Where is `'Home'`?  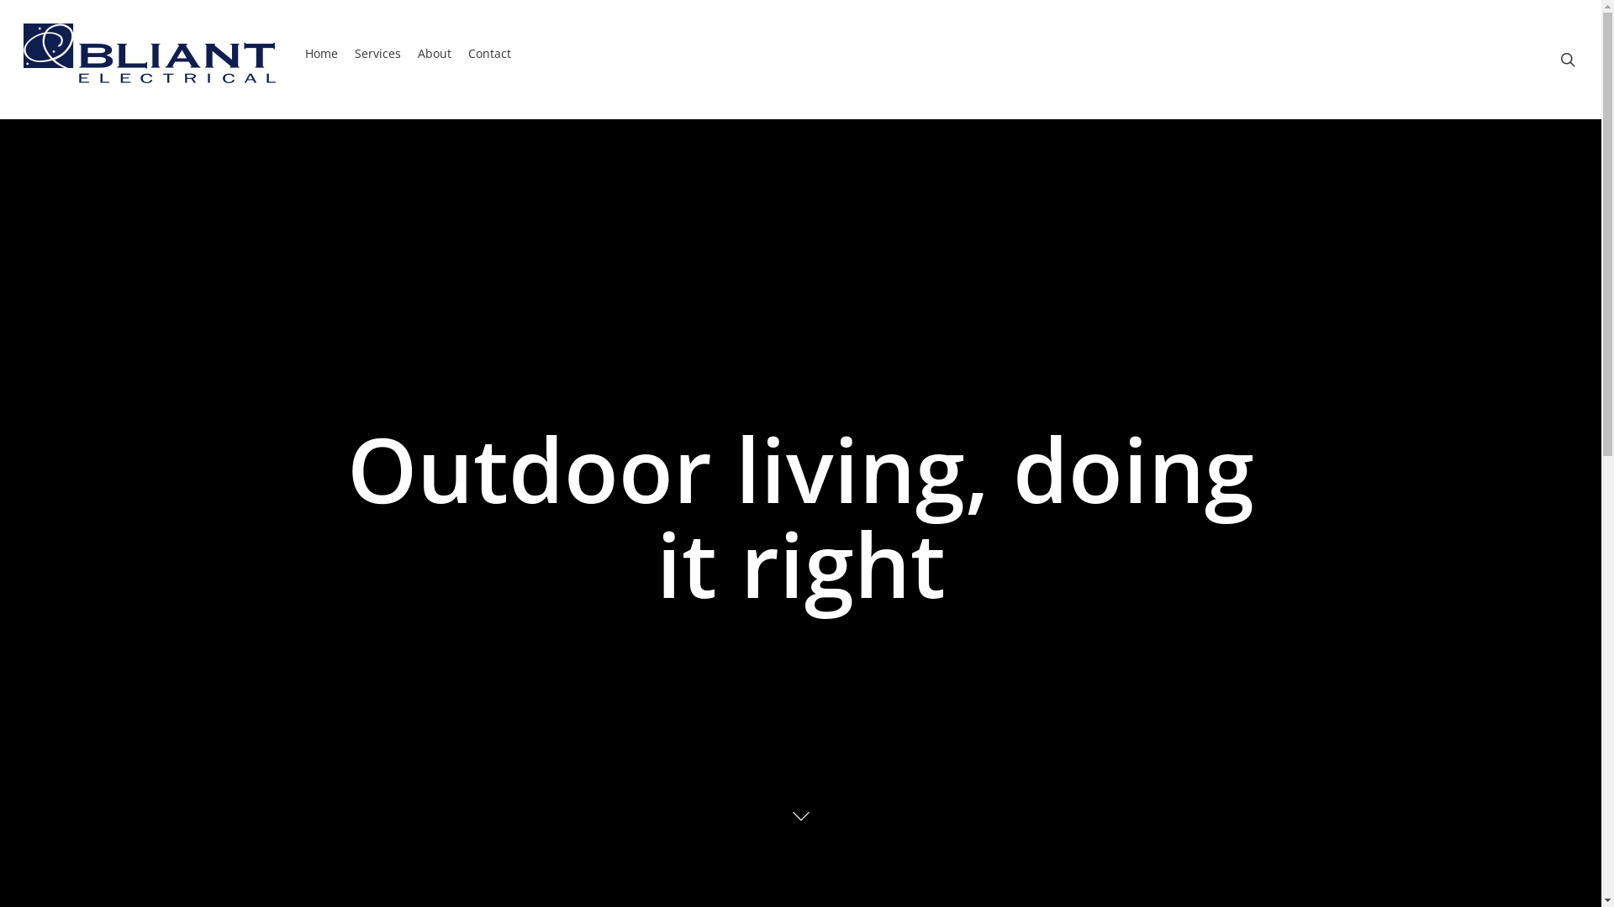 'Home' is located at coordinates (321, 59).